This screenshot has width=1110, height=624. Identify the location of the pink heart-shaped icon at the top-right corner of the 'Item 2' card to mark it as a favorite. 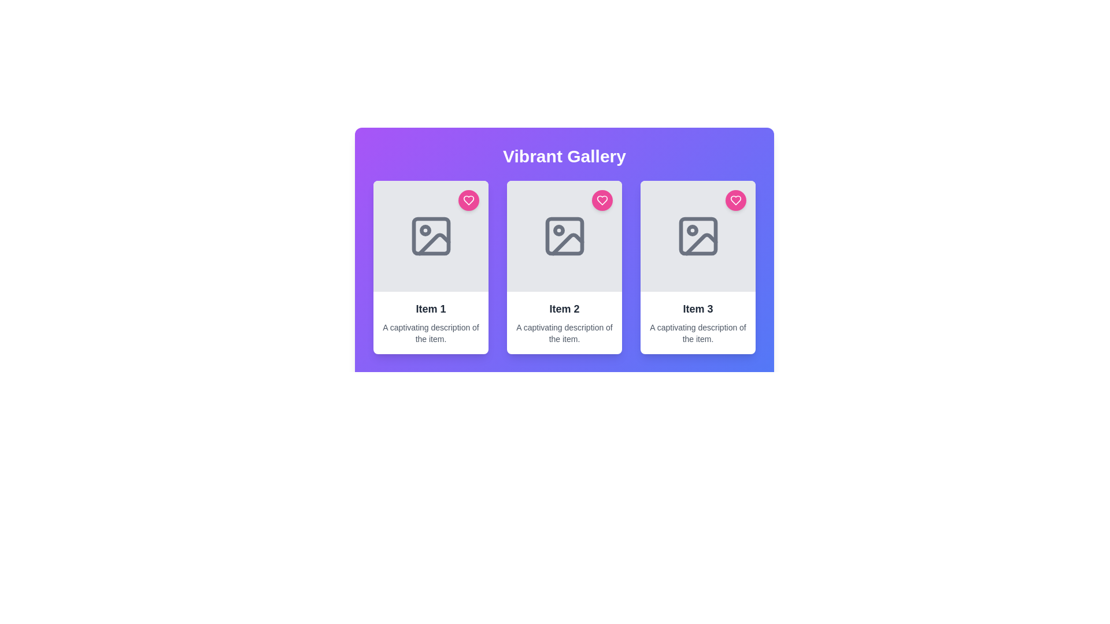
(601, 200).